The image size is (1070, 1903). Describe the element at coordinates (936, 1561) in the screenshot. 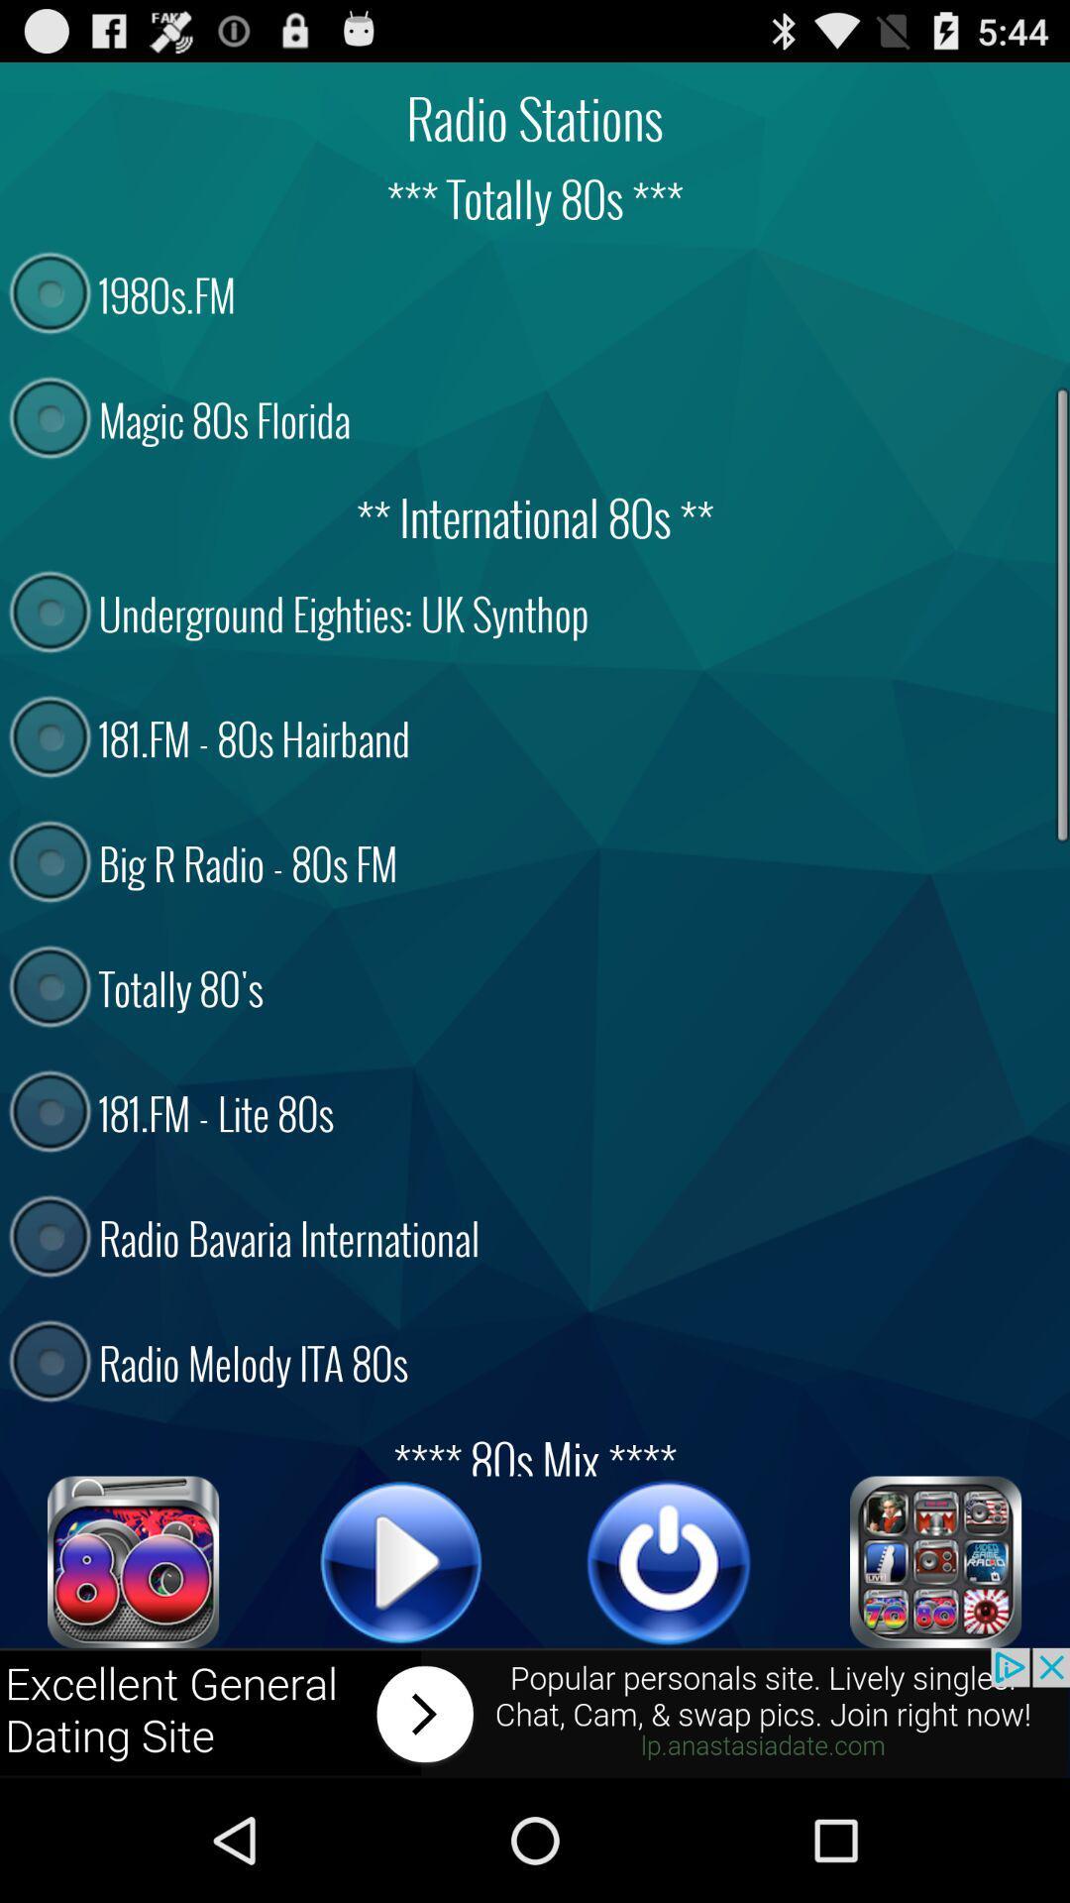

I see `app setting` at that location.